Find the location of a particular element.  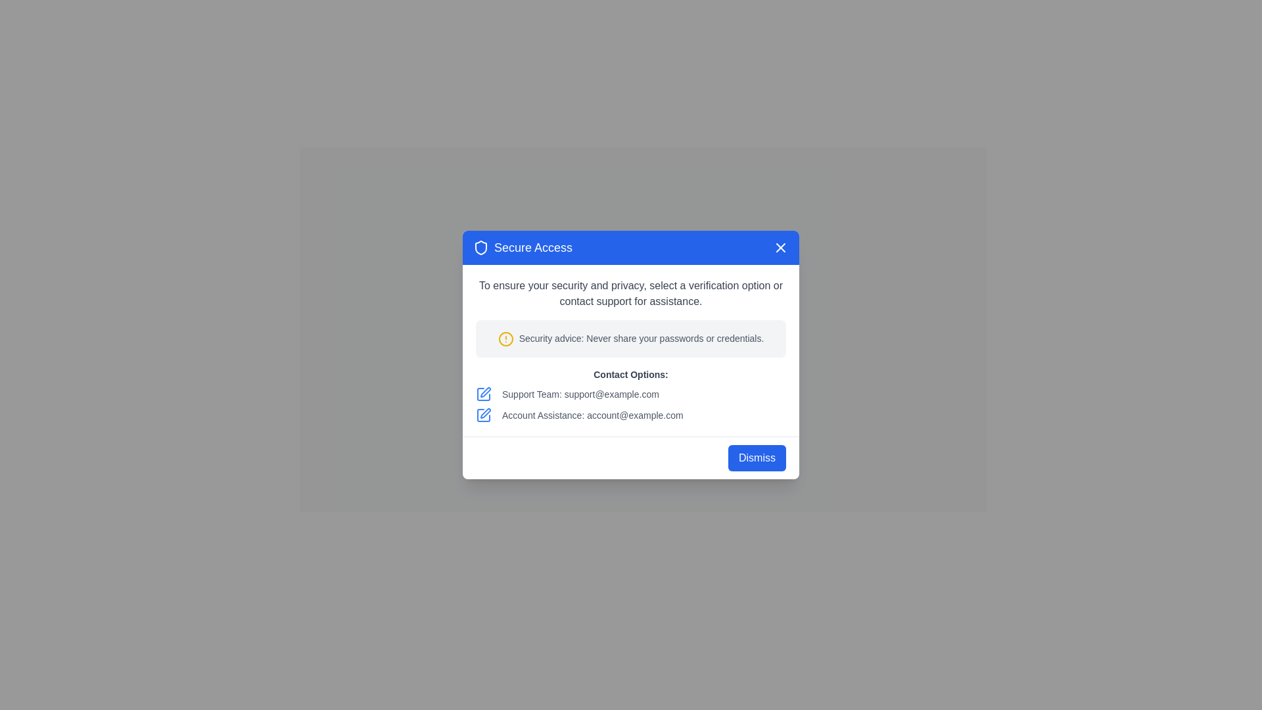

the text block that provides contact information, specifically the email address for account assistance located at the bottom-right portion of the modal beneath the 'Support Team: support@example.com' section is located at coordinates (592, 415).